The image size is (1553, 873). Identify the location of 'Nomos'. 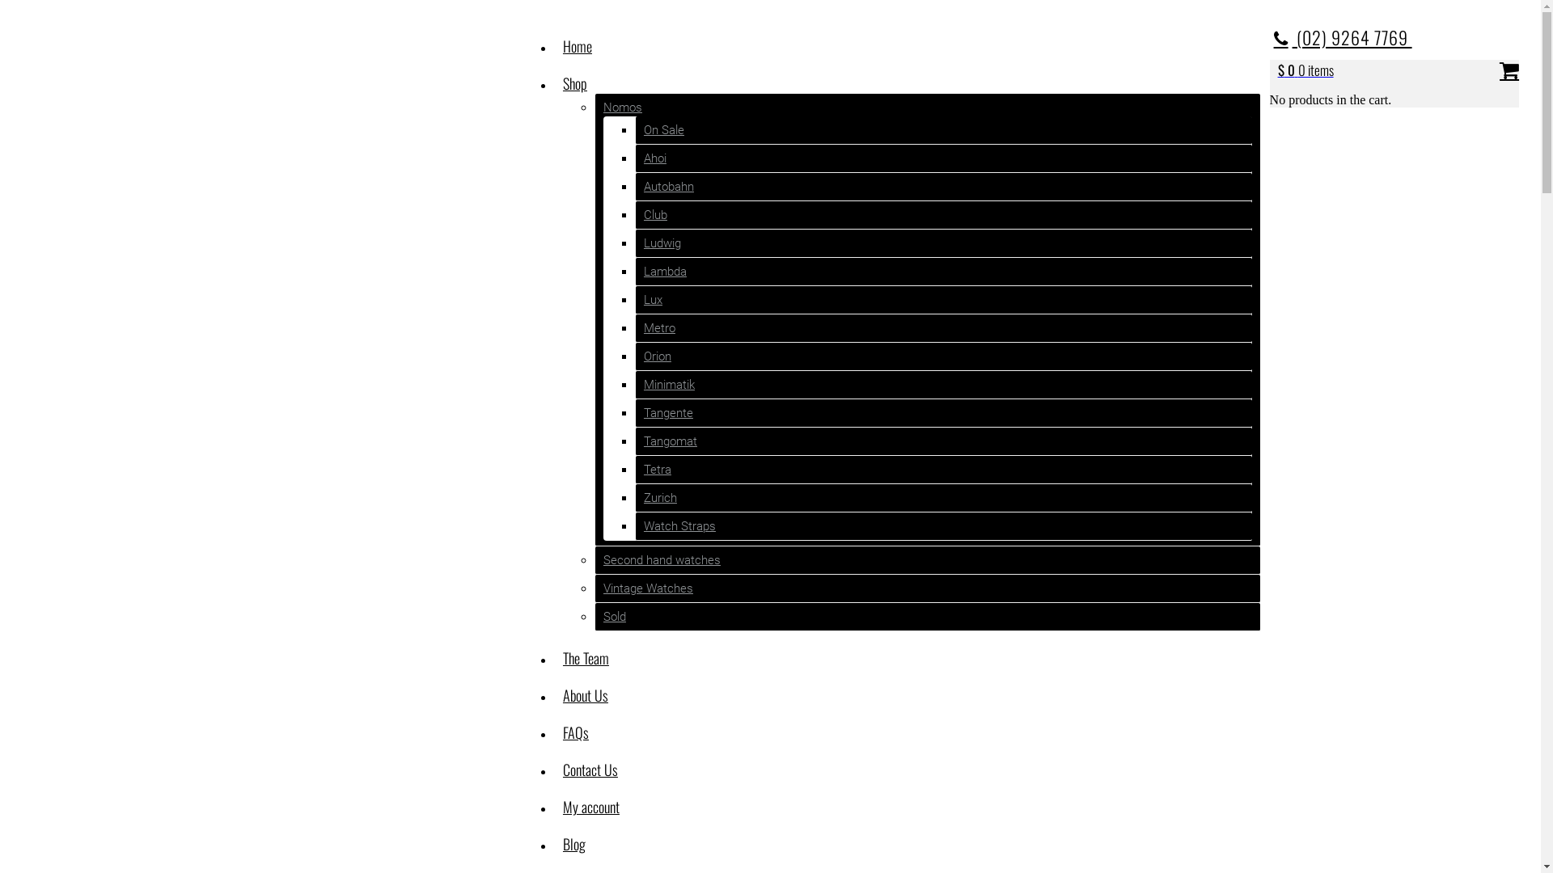
(621, 107).